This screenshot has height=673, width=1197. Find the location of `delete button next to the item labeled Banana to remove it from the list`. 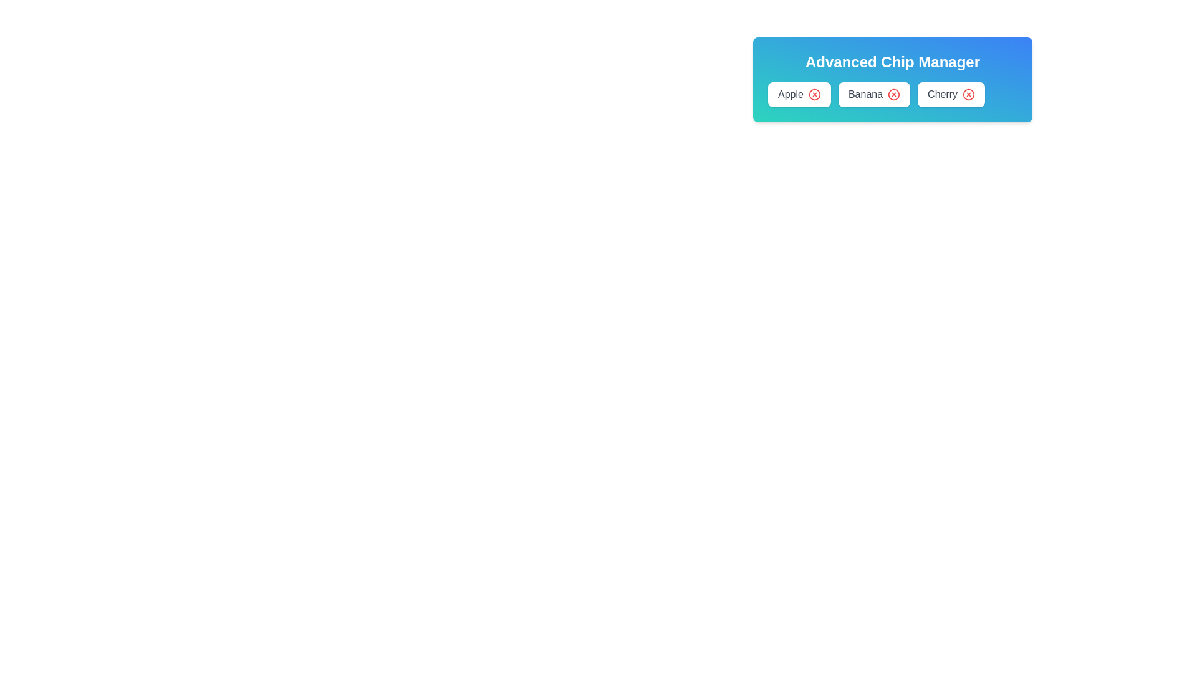

delete button next to the item labeled Banana to remove it from the list is located at coordinates (893, 93).